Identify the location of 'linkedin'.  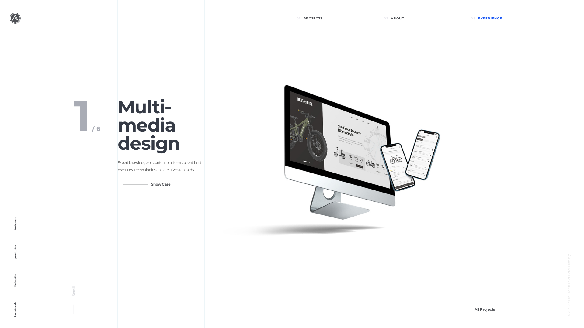
(0, 289).